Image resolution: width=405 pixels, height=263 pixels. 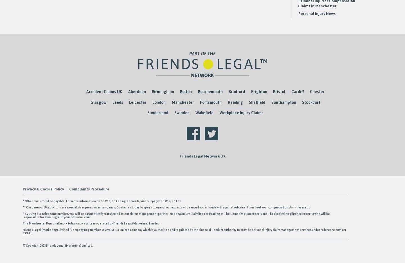 What do you see at coordinates (75, 245) in the screenshot?
I see `'© Copyright 2023 Friends Legal (Marketing) Limited.'` at bounding box center [75, 245].